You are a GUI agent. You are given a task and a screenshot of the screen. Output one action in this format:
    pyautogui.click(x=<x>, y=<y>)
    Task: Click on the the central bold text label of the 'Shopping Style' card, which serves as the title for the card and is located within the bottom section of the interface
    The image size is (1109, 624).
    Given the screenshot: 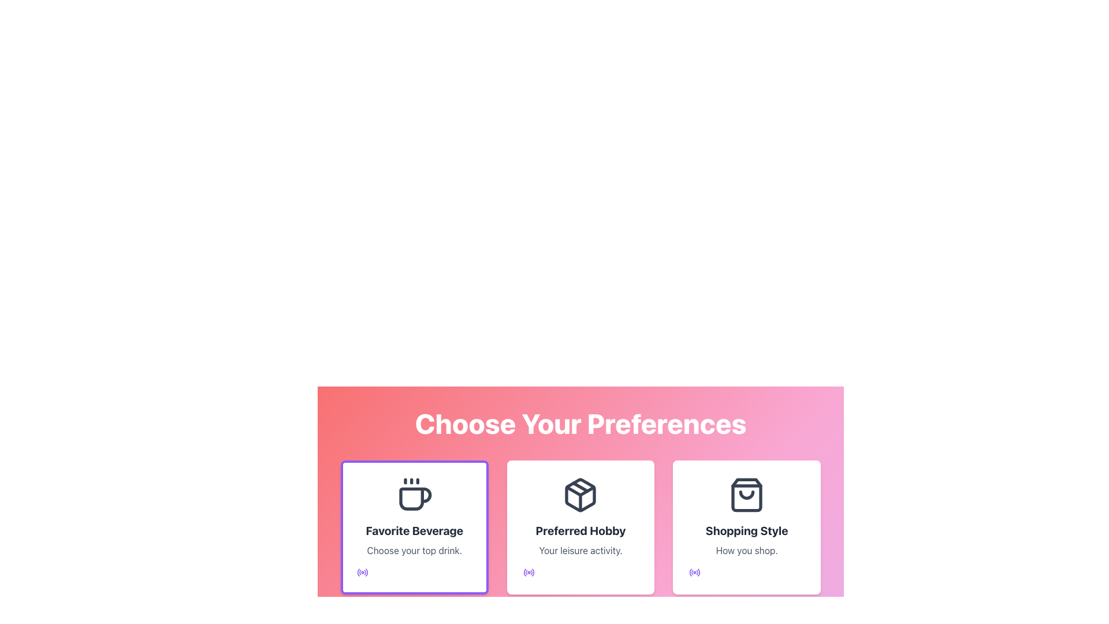 What is the action you would take?
    pyautogui.click(x=747, y=530)
    